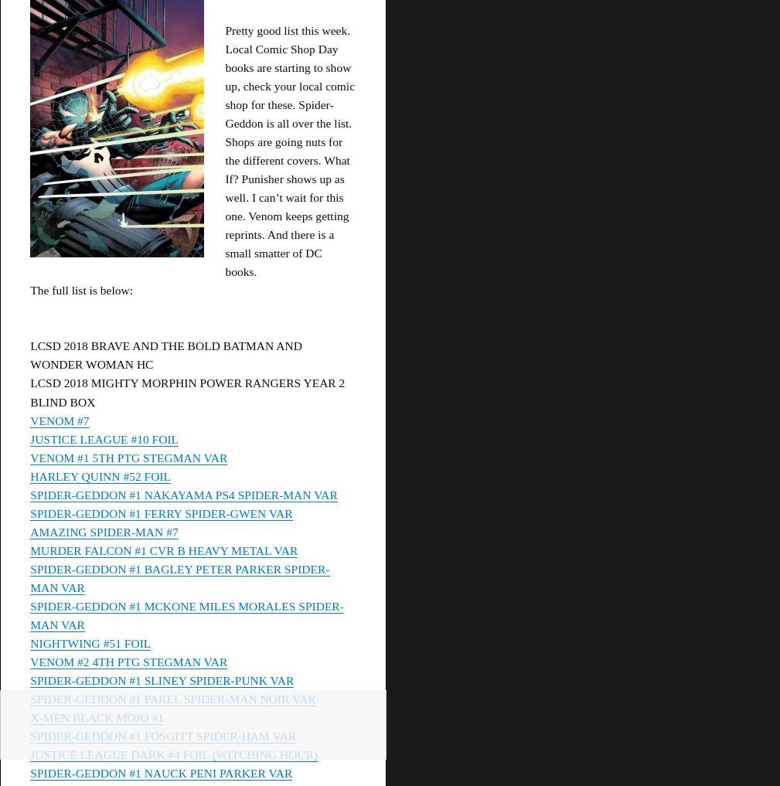 Image resolution: width=780 pixels, height=786 pixels. I want to click on 'VENOM #2 4TH PTG STEGMAN VAR', so click(128, 662).